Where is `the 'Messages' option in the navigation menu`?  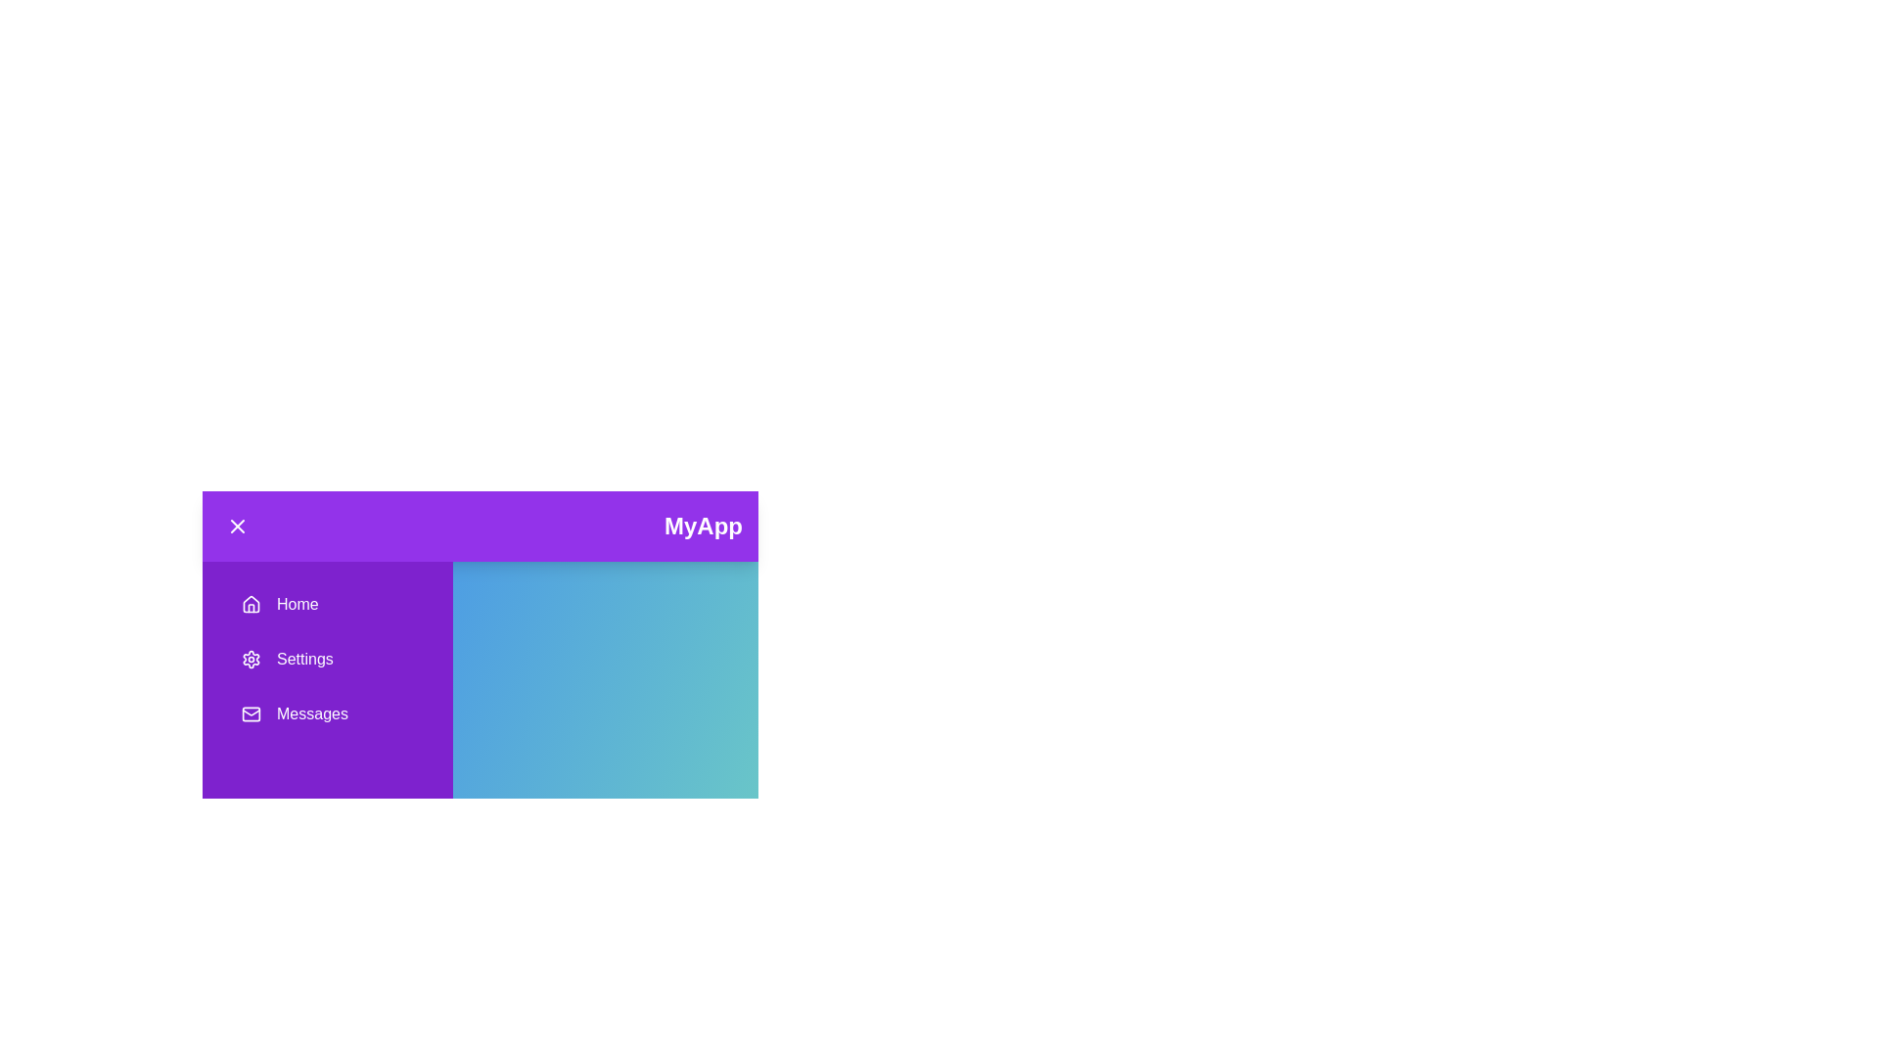 the 'Messages' option in the navigation menu is located at coordinates (328, 713).